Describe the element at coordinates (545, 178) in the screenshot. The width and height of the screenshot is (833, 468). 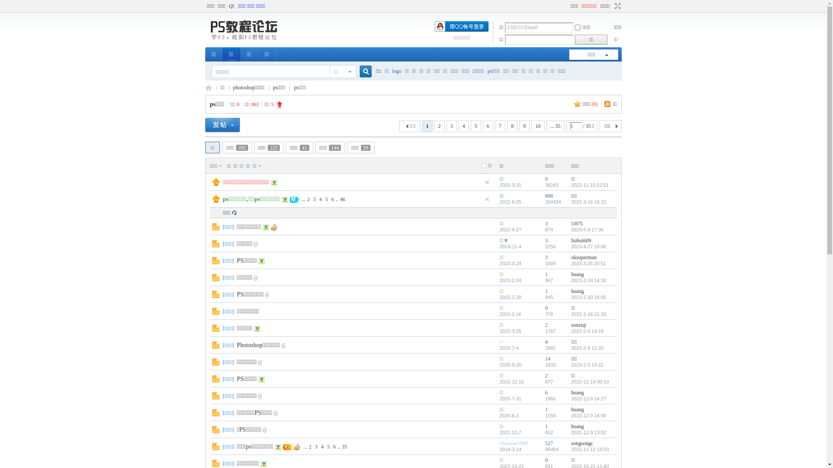
I see `'0'` at that location.